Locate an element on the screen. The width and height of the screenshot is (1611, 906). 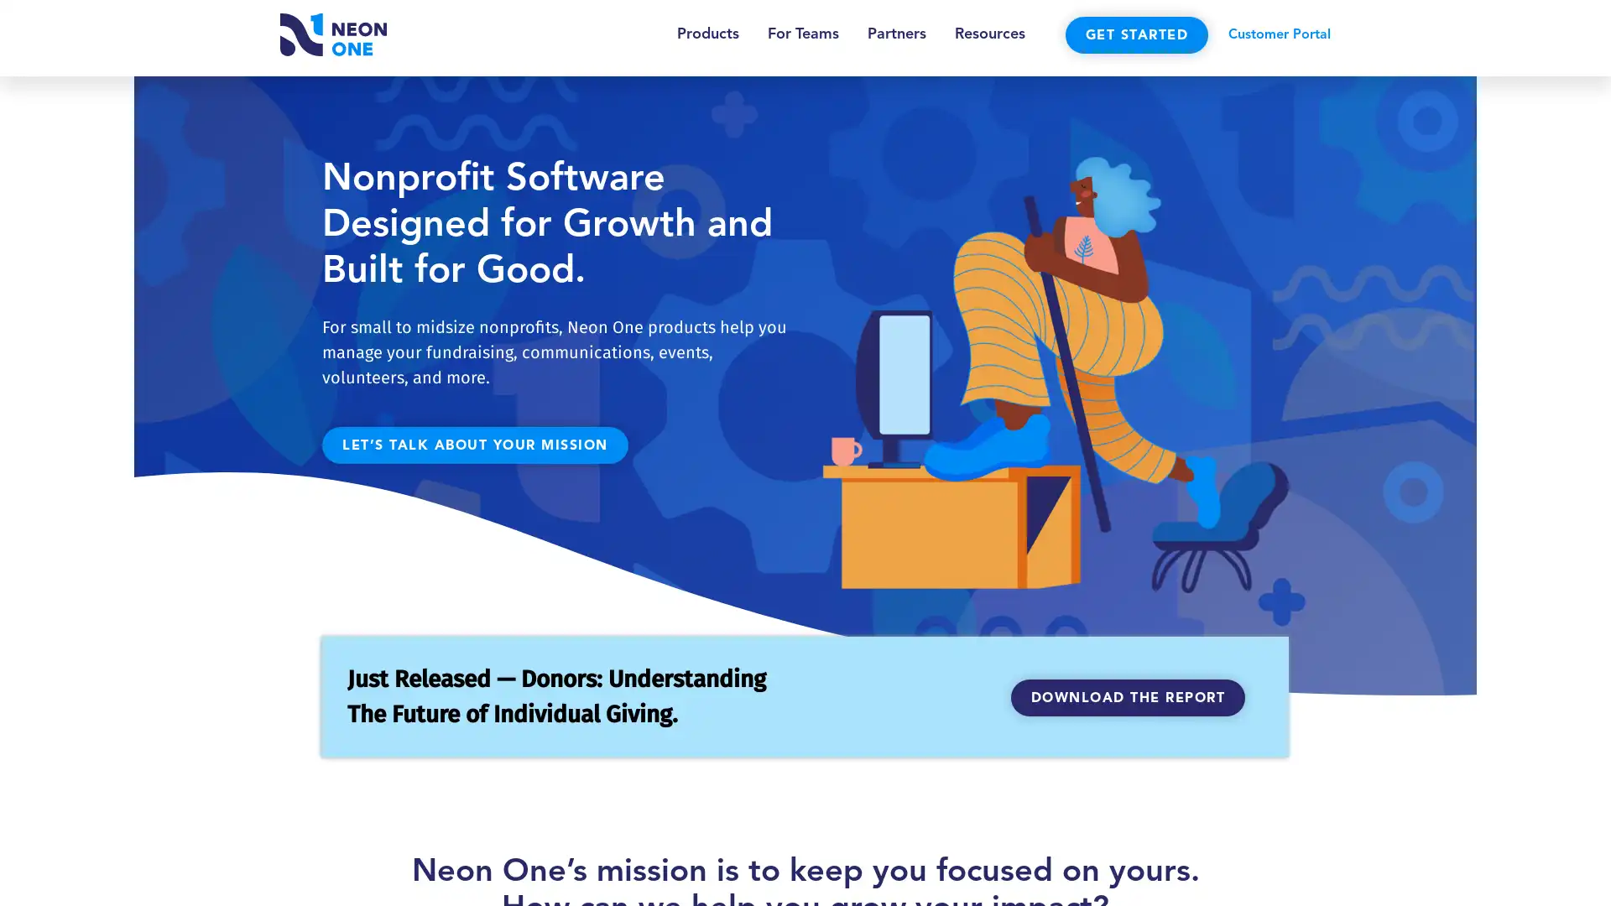
Products is located at coordinates (707, 34).